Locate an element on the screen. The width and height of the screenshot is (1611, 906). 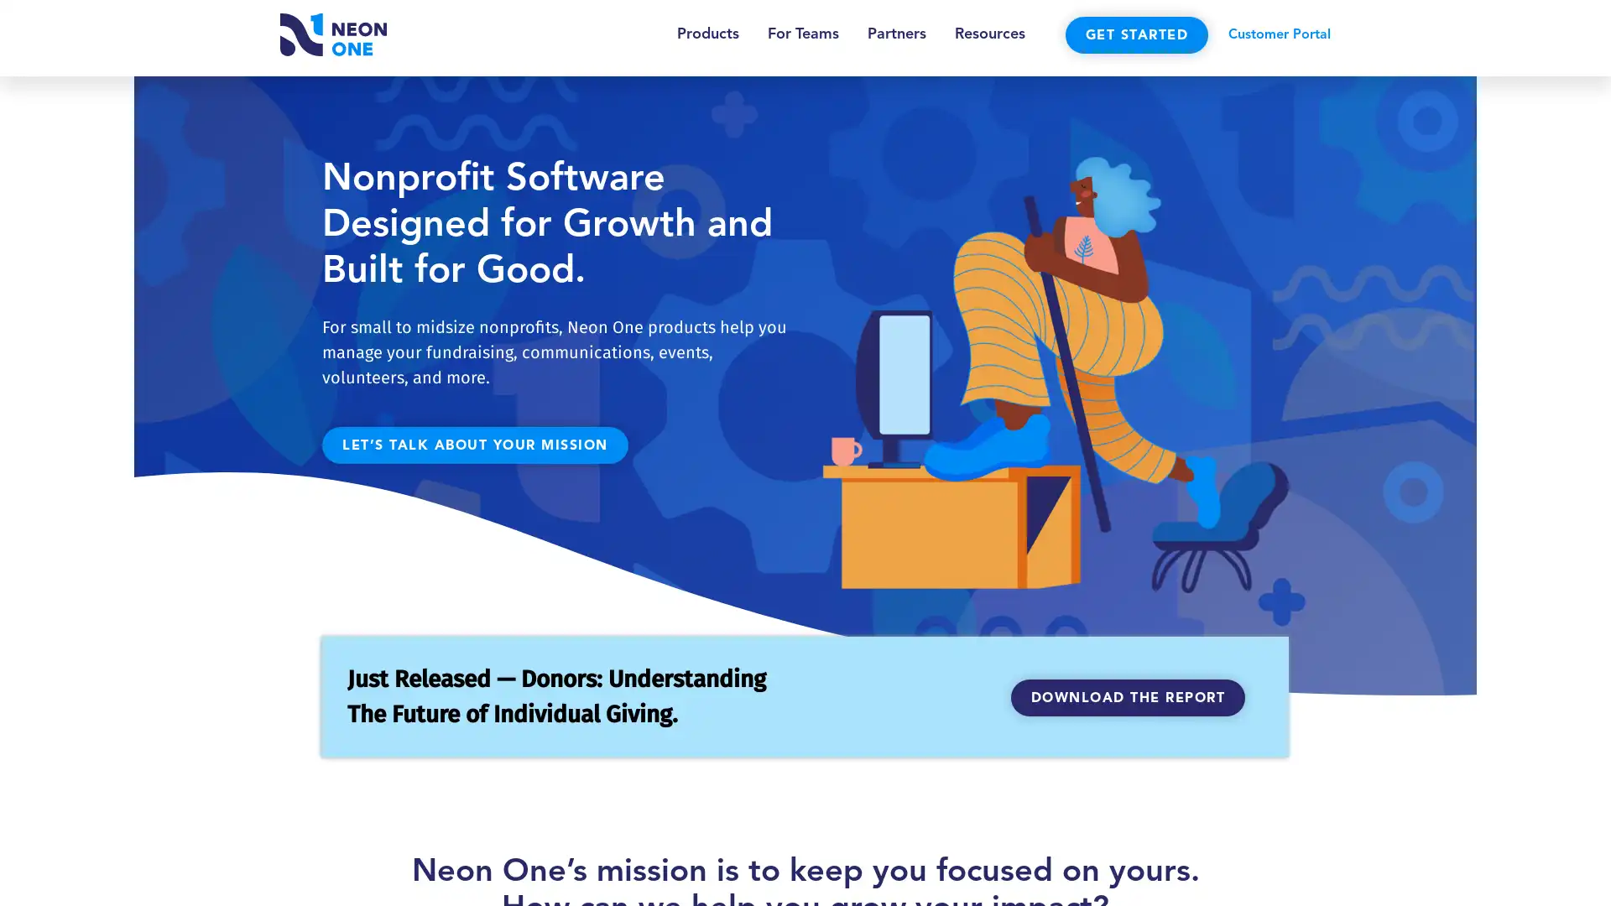
Products is located at coordinates (707, 34).